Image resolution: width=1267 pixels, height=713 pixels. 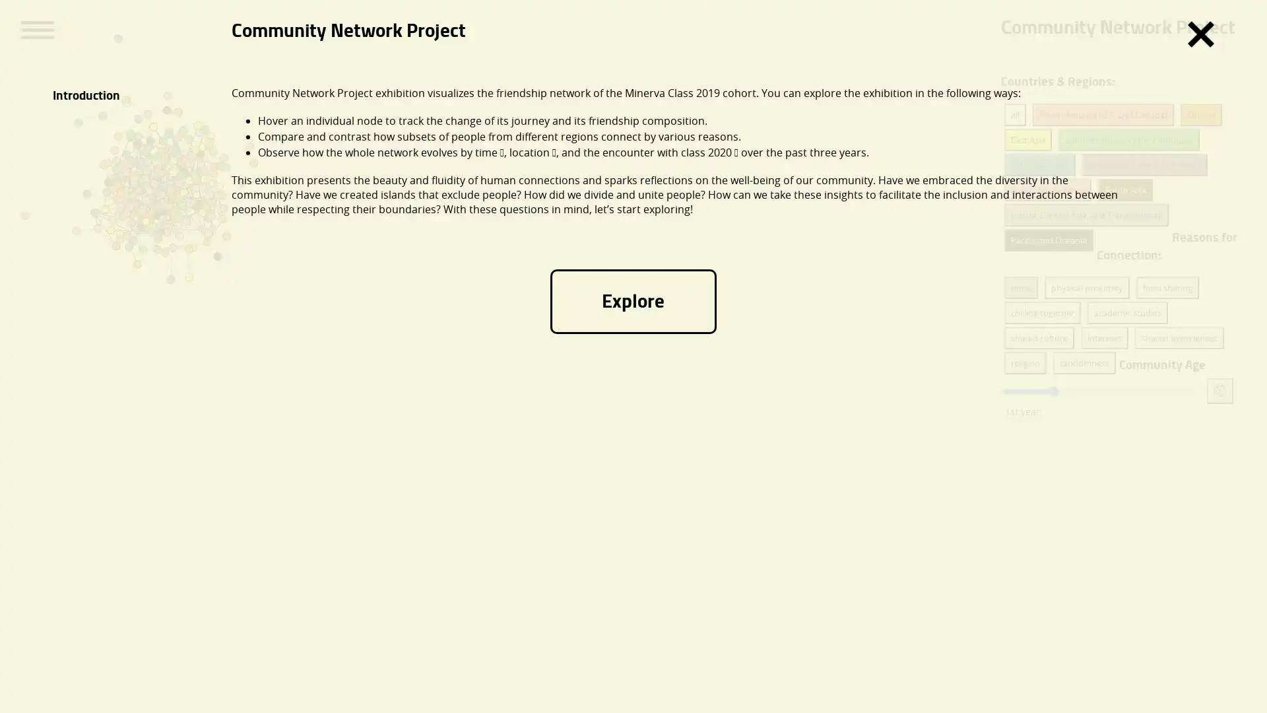 What do you see at coordinates (1126, 313) in the screenshot?
I see `academic studies` at bounding box center [1126, 313].